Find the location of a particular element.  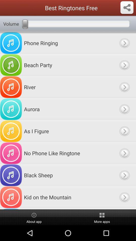

open beach party is located at coordinates (124, 65).